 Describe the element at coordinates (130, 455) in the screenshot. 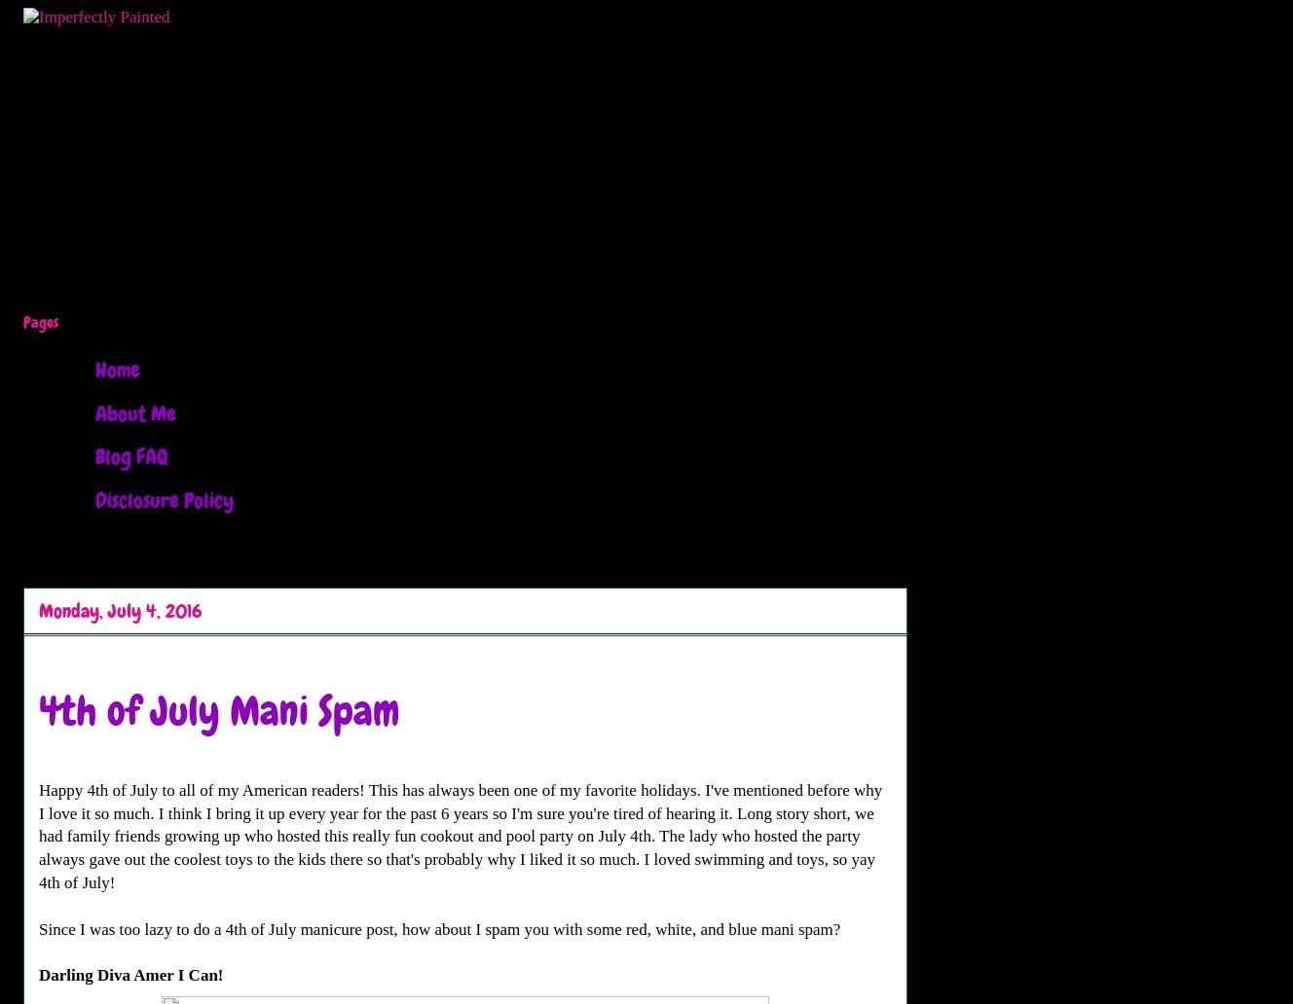

I see `'Blog FAQ'` at that location.